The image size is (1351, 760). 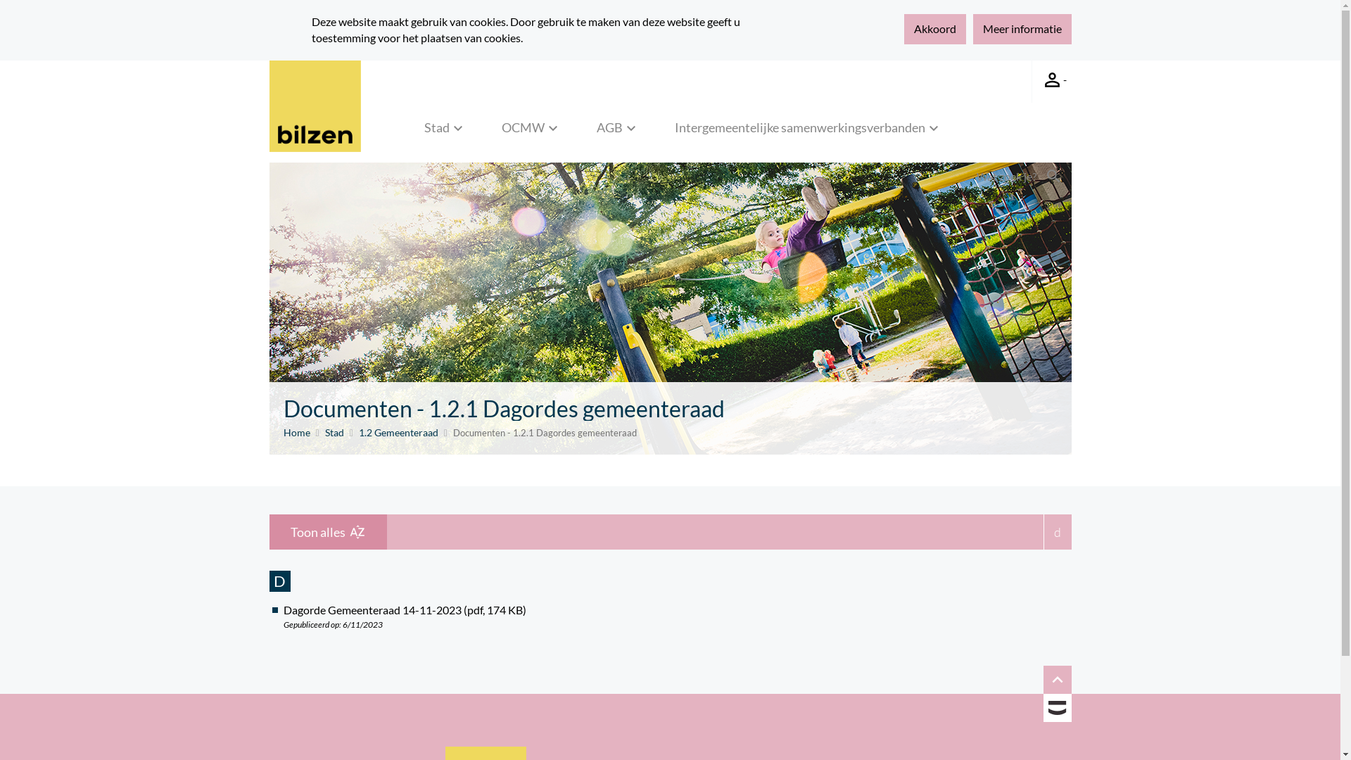 I want to click on 'Stad', so click(x=334, y=431).